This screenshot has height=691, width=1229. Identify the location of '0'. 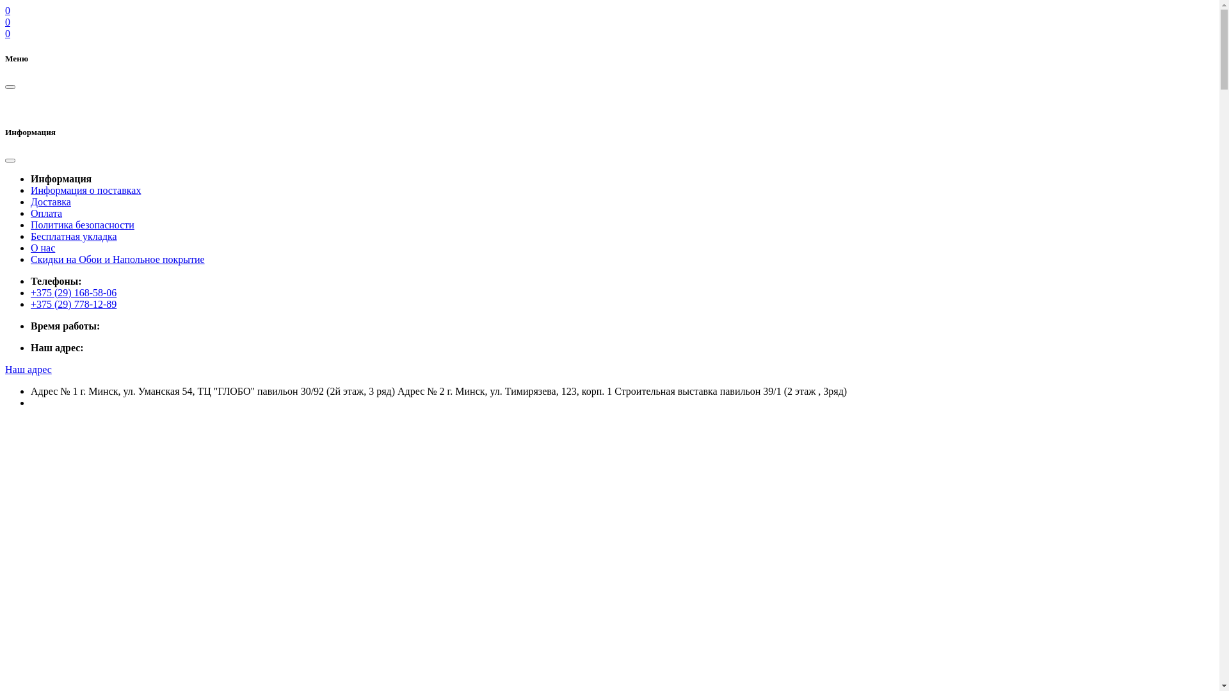
(8, 10).